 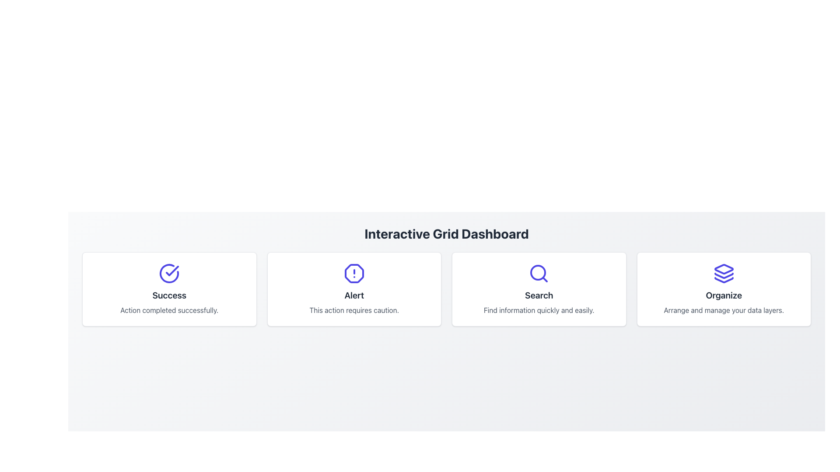 I want to click on middle layer of the three-layer stack icon, which is centered above the 'Organize' label and is depicted as a stylized horizontal line segment with tapering ends, so click(x=724, y=276).